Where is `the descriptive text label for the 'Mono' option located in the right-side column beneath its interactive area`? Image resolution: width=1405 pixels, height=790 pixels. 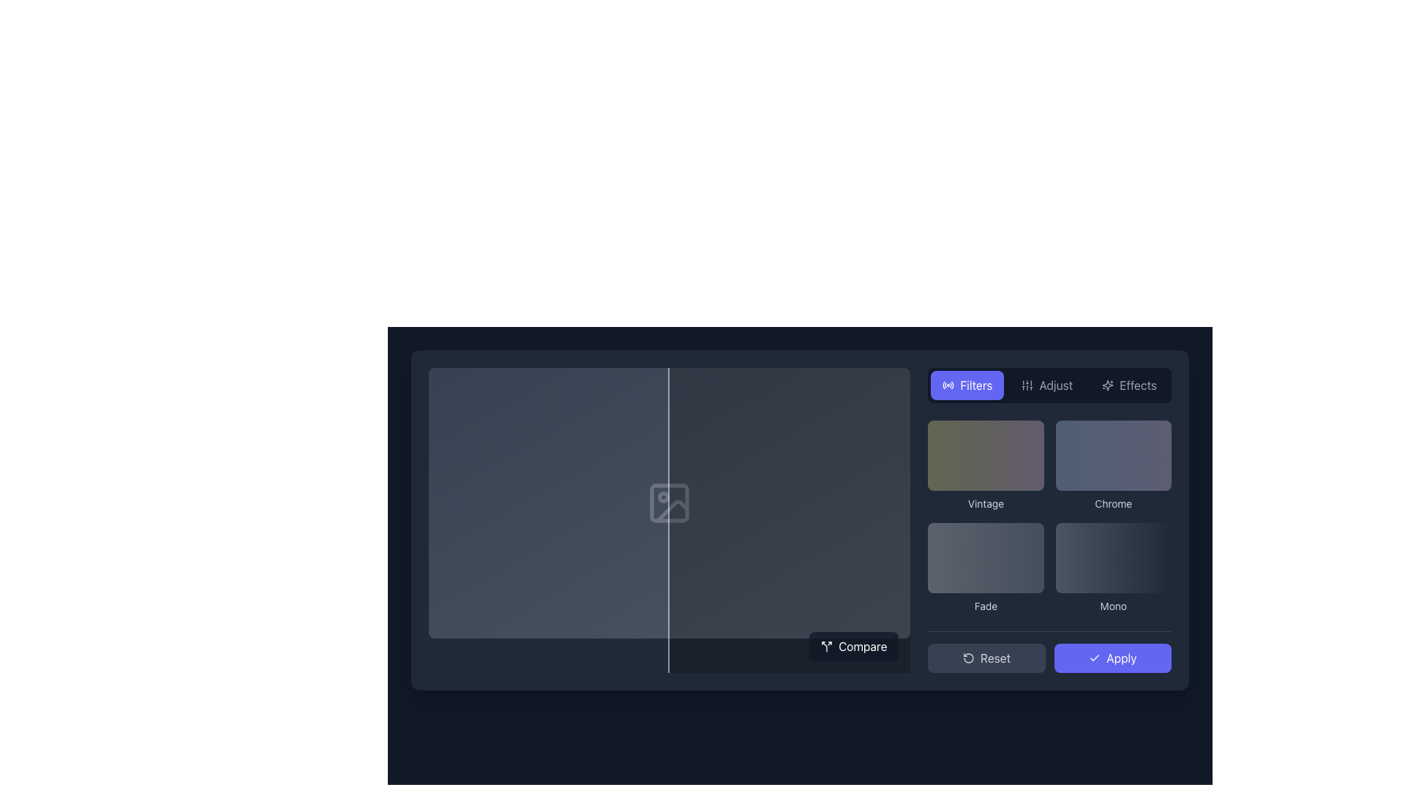 the descriptive text label for the 'Mono' option located in the right-side column beneath its interactive area is located at coordinates (986, 606).